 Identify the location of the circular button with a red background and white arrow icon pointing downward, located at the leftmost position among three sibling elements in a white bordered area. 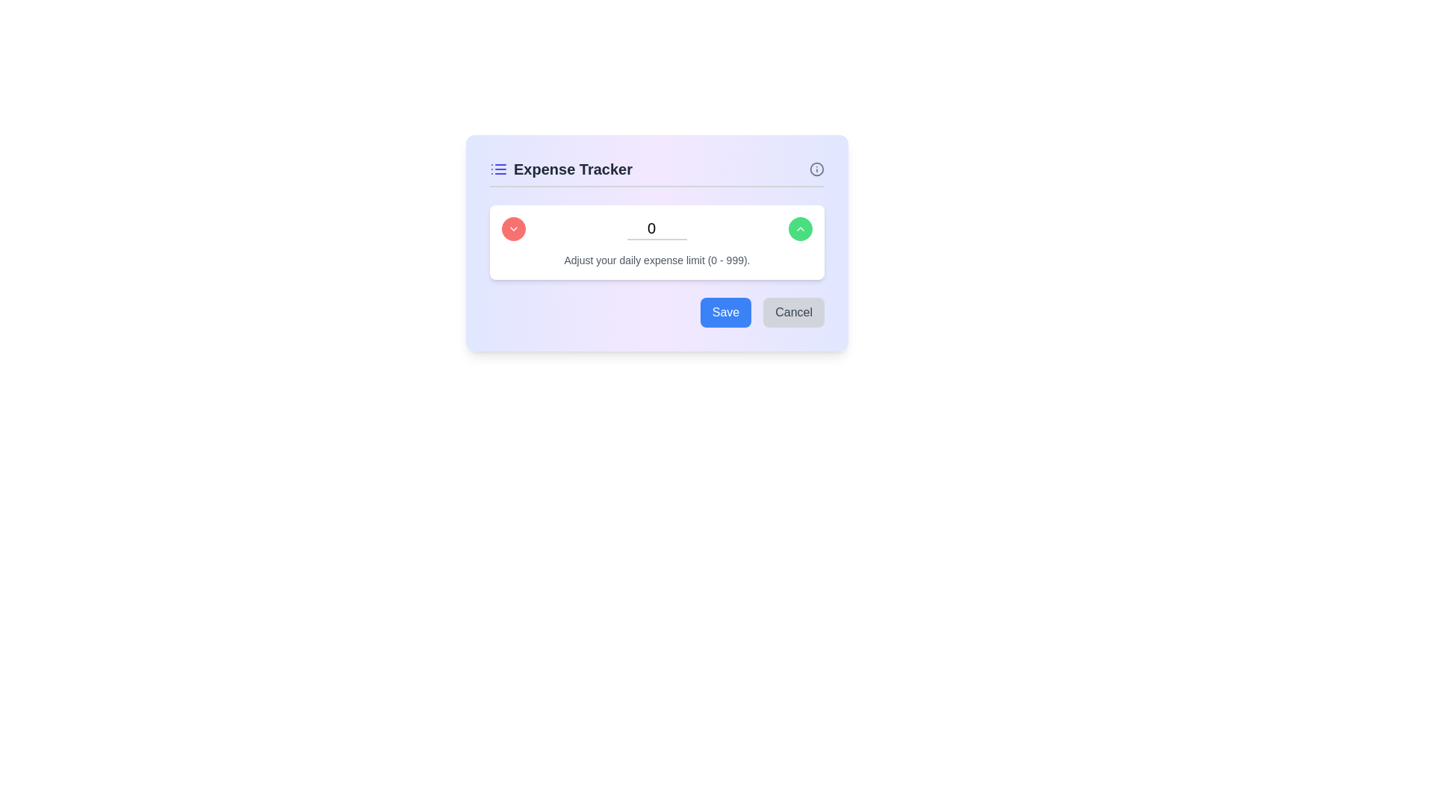
(513, 229).